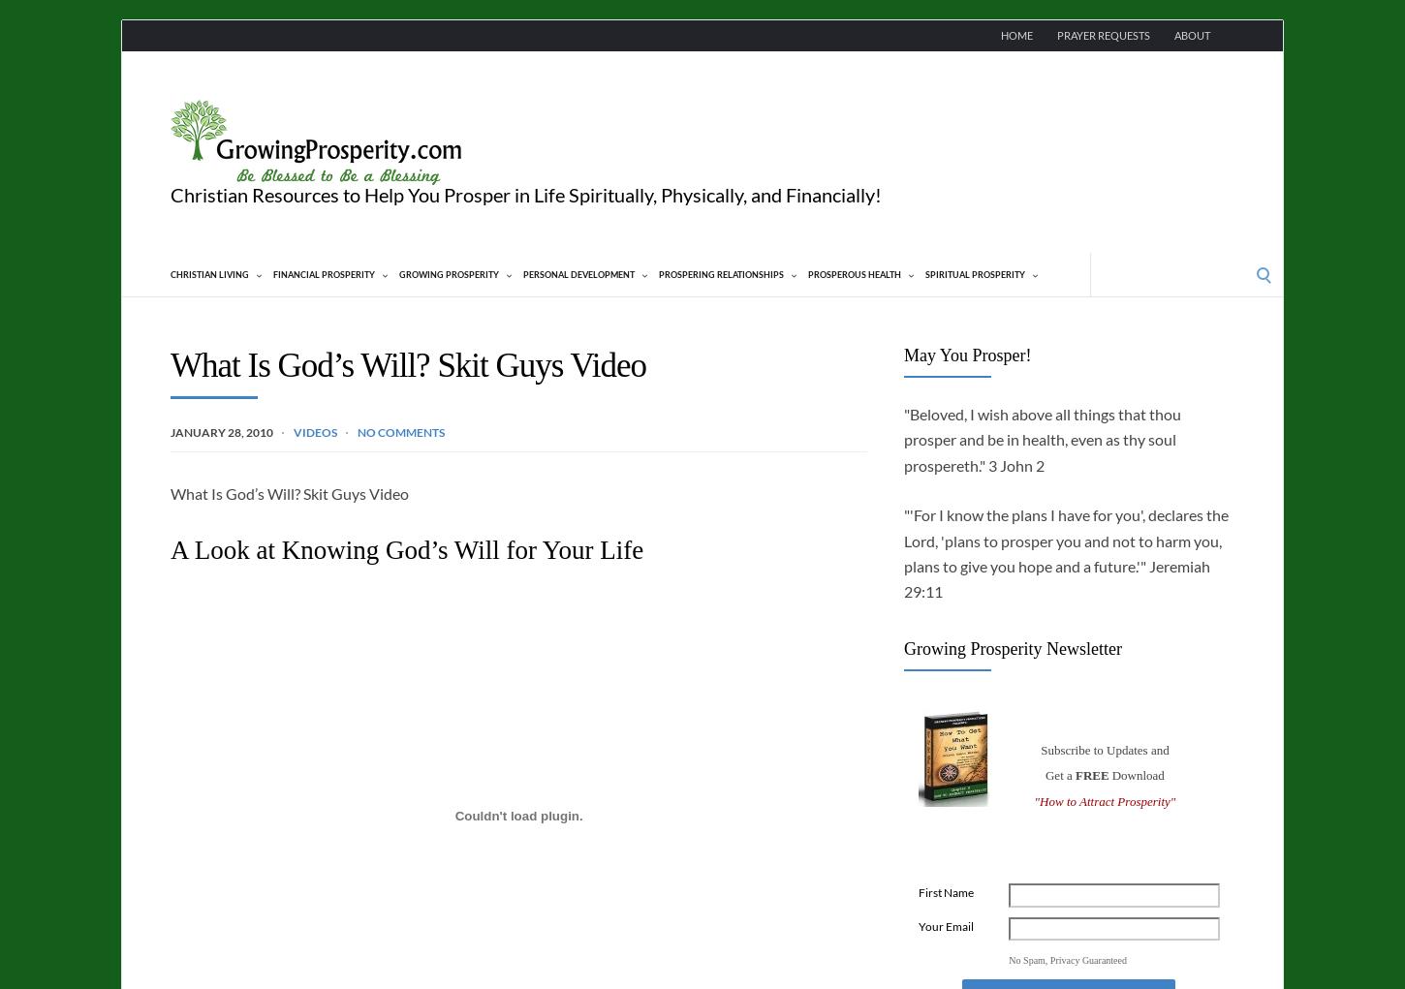 This screenshot has width=1405, height=989. What do you see at coordinates (183, 562) in the screenshot?
I see `'Prayers & Praise'` at bounding box center [183, 562].